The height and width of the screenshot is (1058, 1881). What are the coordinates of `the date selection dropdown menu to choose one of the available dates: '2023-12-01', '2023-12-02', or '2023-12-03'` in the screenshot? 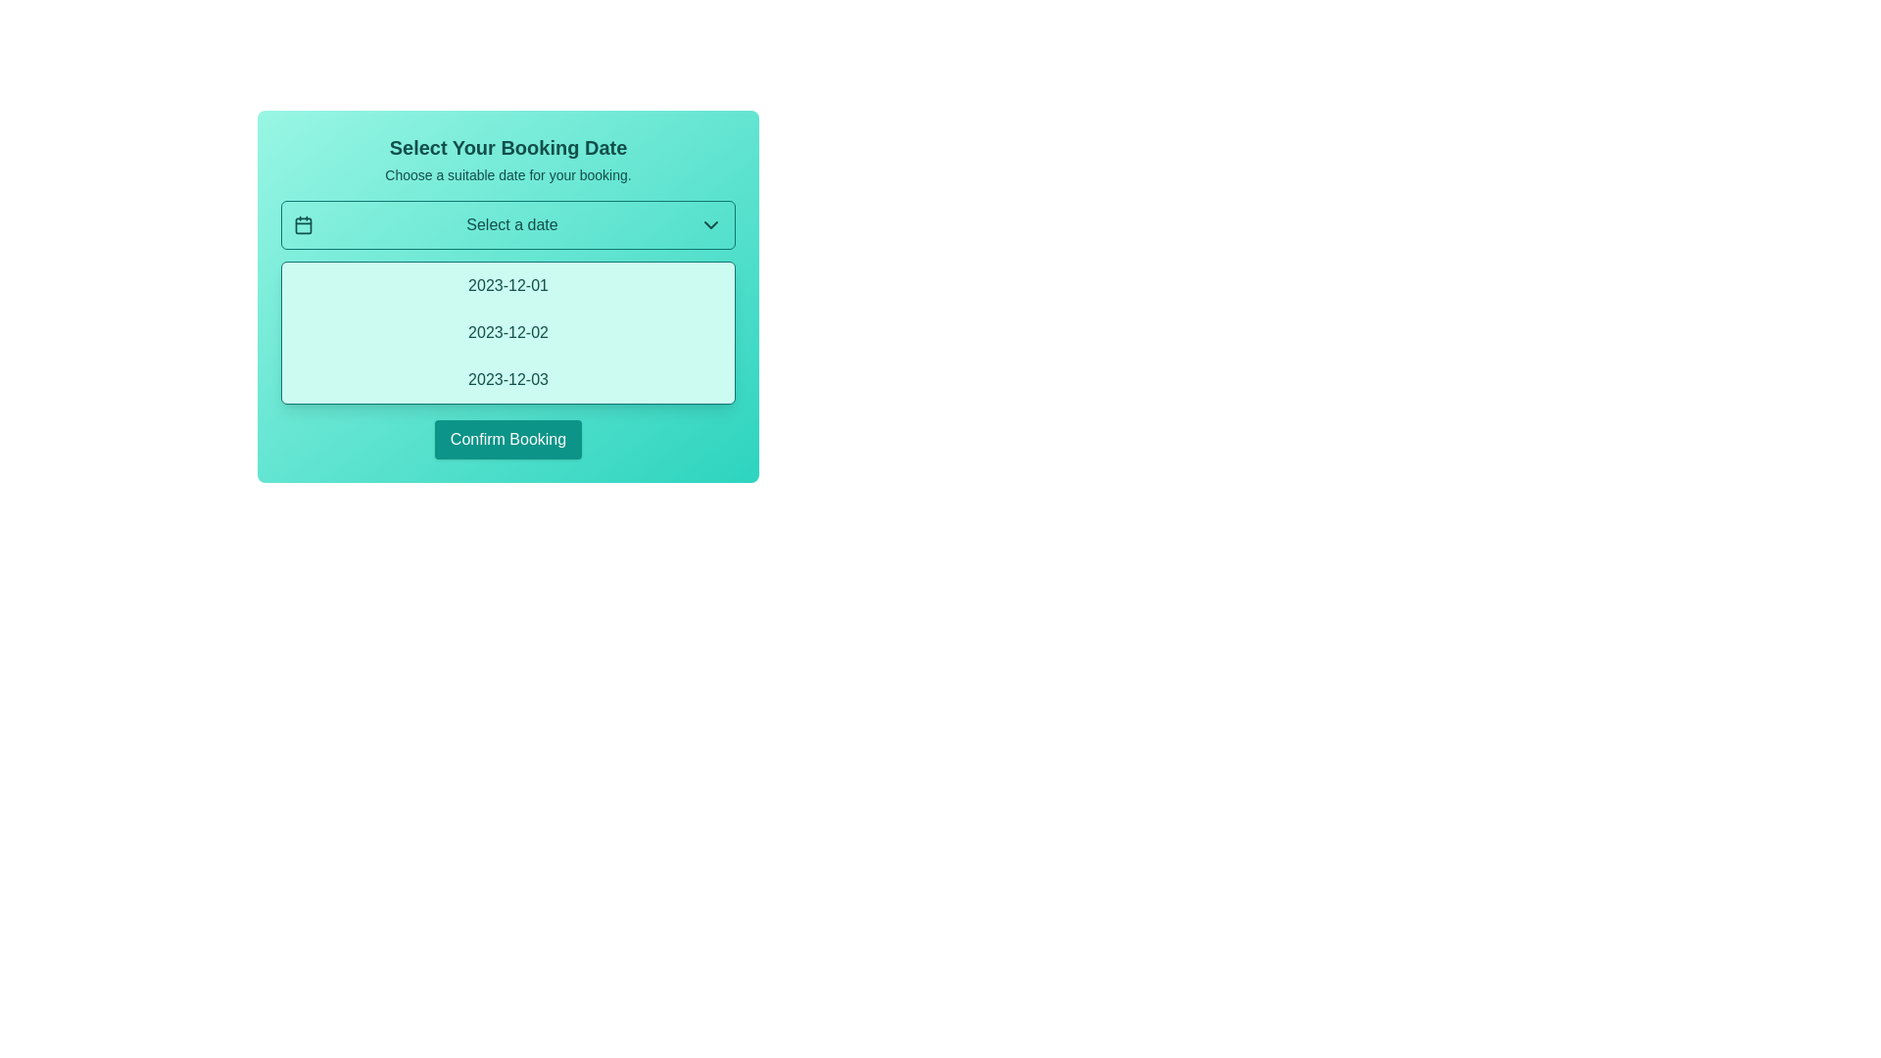 It's located at (507, 297).